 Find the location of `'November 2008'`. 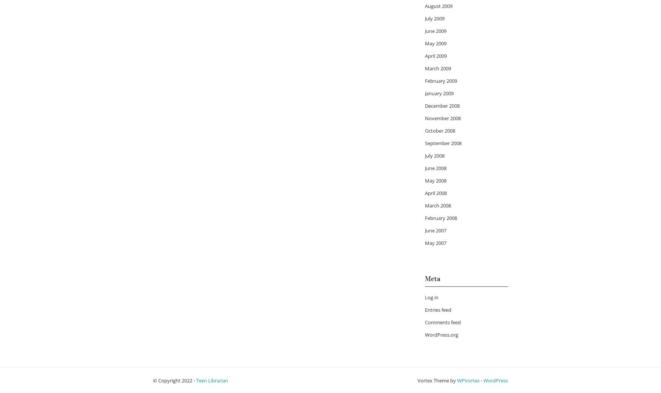

'November 2008' is located at coordinates (442, 118).